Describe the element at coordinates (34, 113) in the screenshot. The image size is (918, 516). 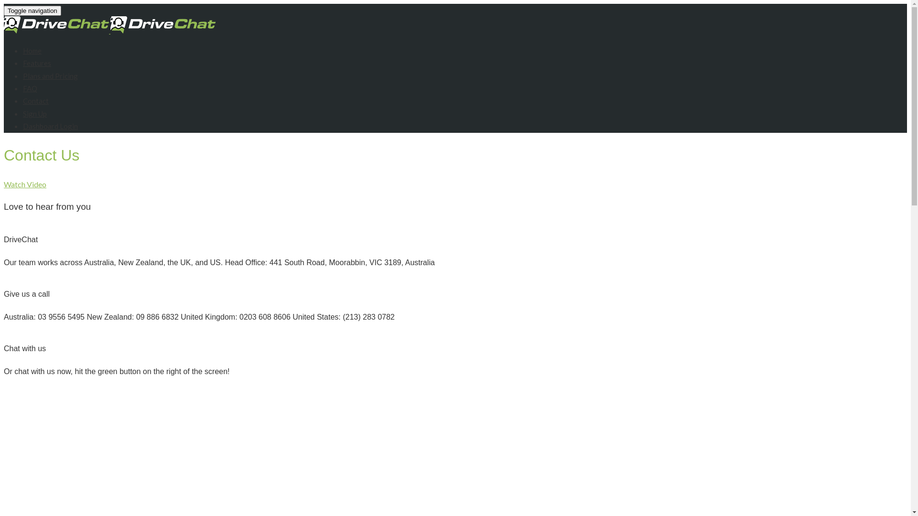
I see `'Sign Up'` at that location.